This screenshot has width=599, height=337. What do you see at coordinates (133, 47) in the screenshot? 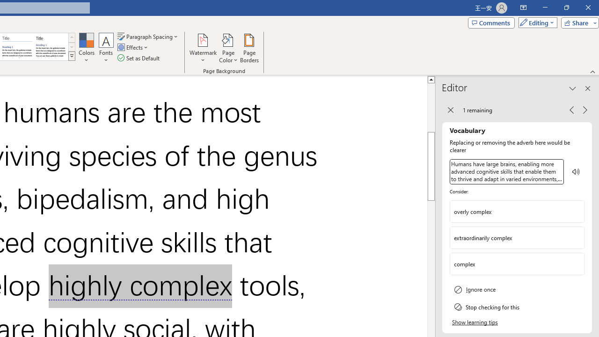
I see `'Effects'` at bounding box center [133, 47].